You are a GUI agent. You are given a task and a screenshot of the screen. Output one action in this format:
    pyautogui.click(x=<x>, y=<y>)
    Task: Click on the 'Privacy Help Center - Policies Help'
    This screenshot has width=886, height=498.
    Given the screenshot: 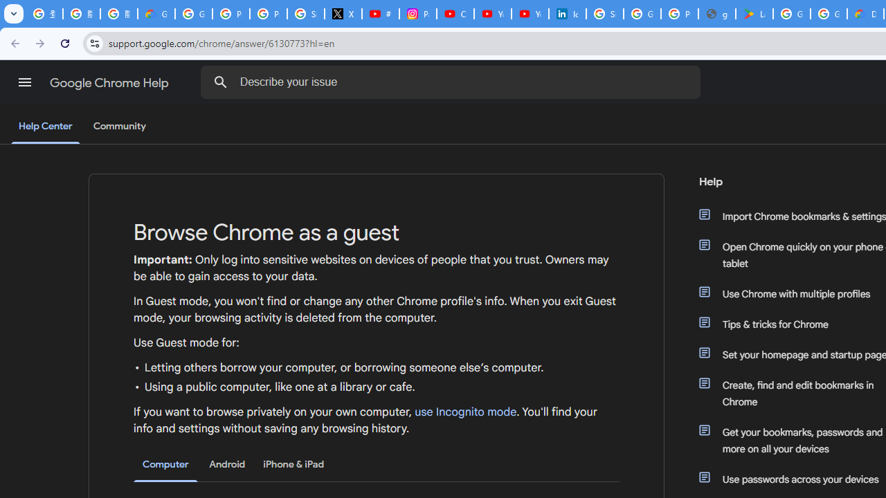 What is the action you would take?
    pyautogui.click(x=268, y=14)
    